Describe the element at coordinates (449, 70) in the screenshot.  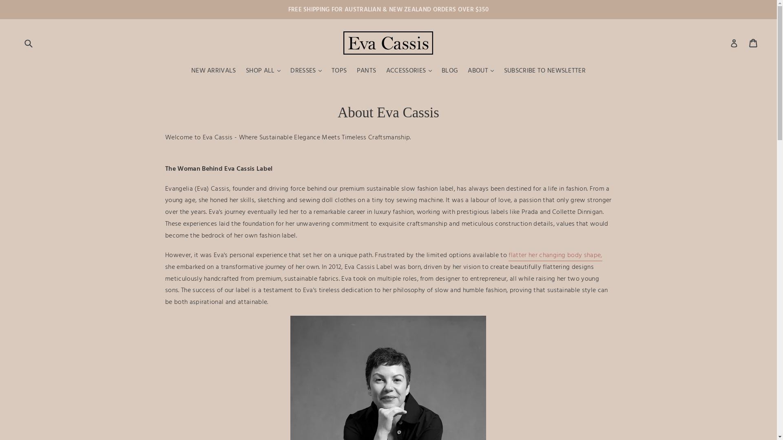
I see `'BLOG'` at that location.